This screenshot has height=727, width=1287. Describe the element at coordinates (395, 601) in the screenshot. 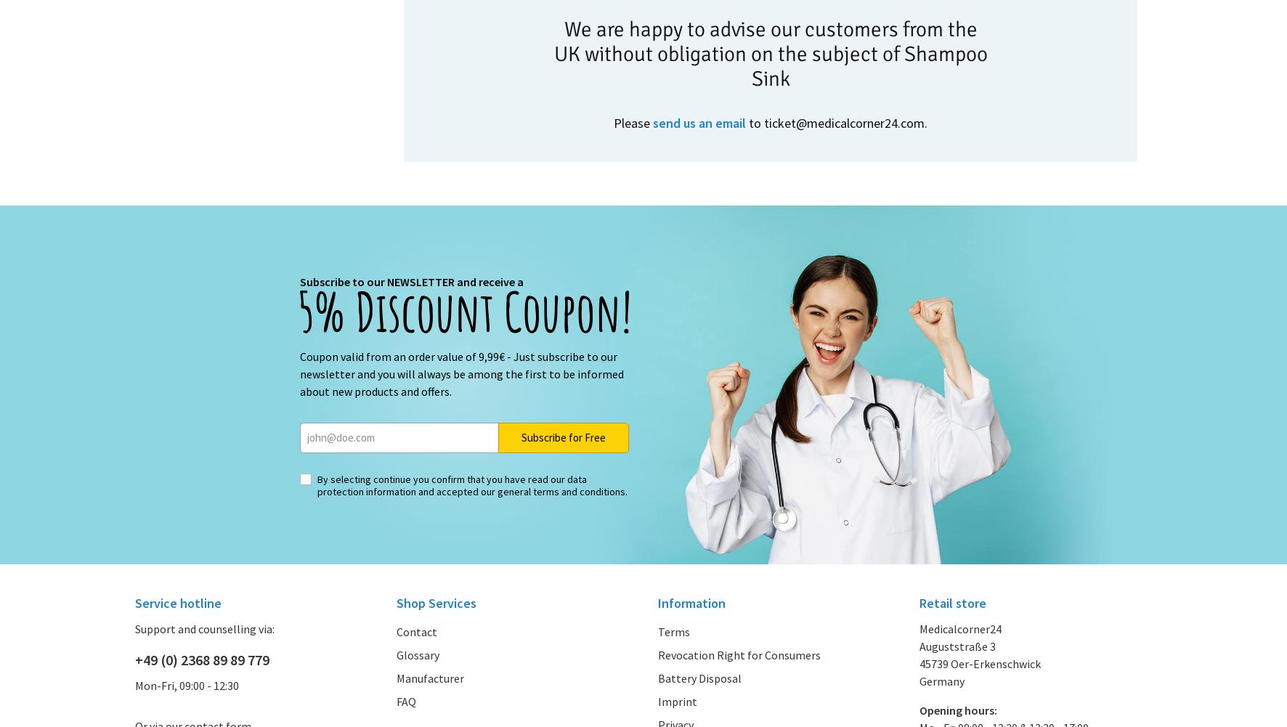

I see `'Shop Services'` at that location.